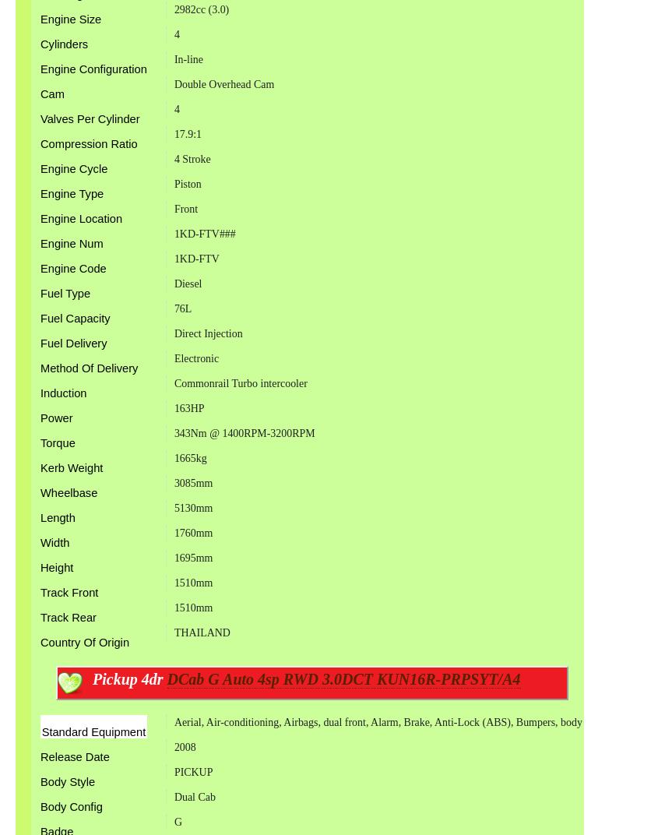 This screenshot has height=835, width=658. I want to click on 'Fuel Delivery', so click(73, 343).